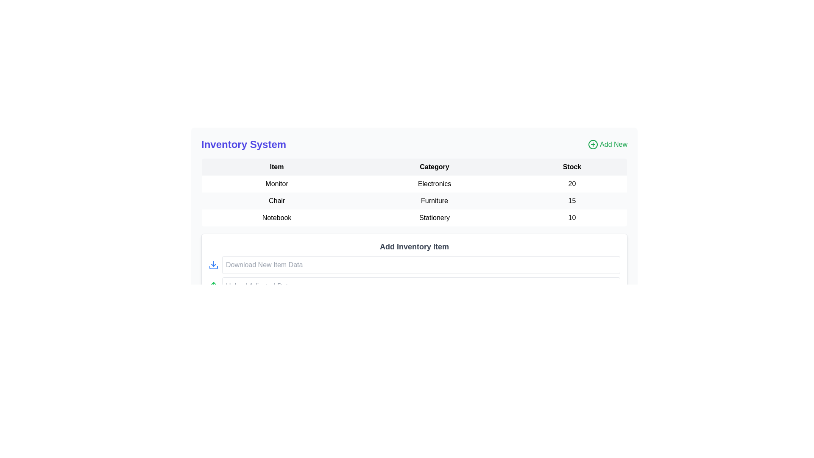 The image size is (814, 458). I want to click on the text element displaying '15' in bold within the Stock column of the second row of the table, as it is interactive, so click(572, 201).